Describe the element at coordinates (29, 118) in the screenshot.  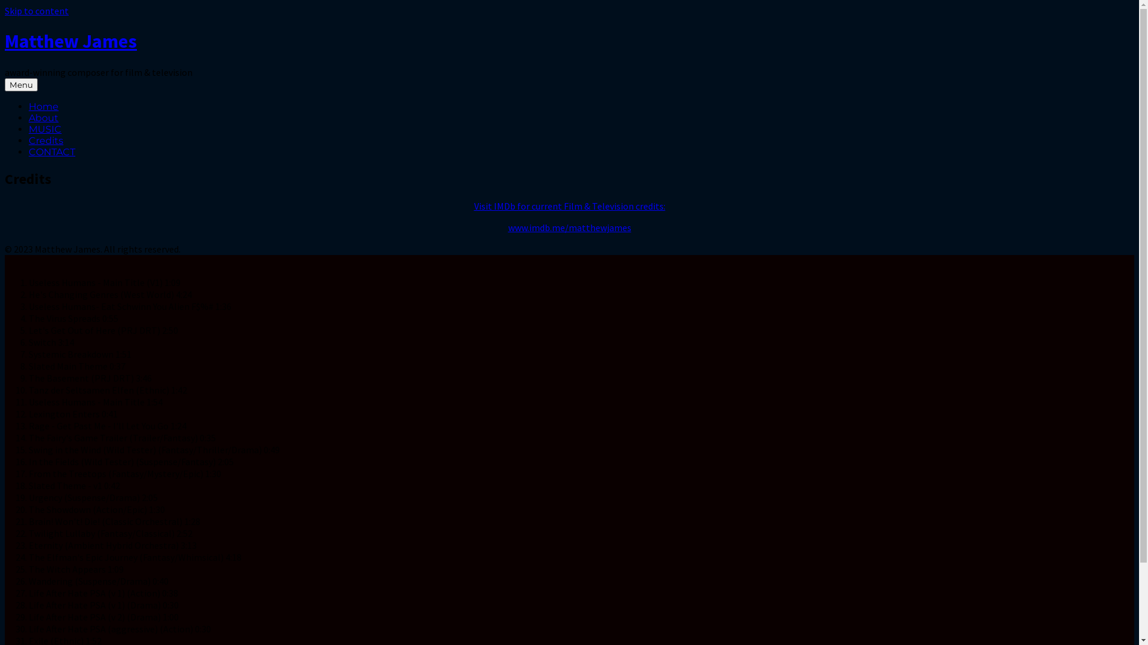
I see `'About'` at that location.